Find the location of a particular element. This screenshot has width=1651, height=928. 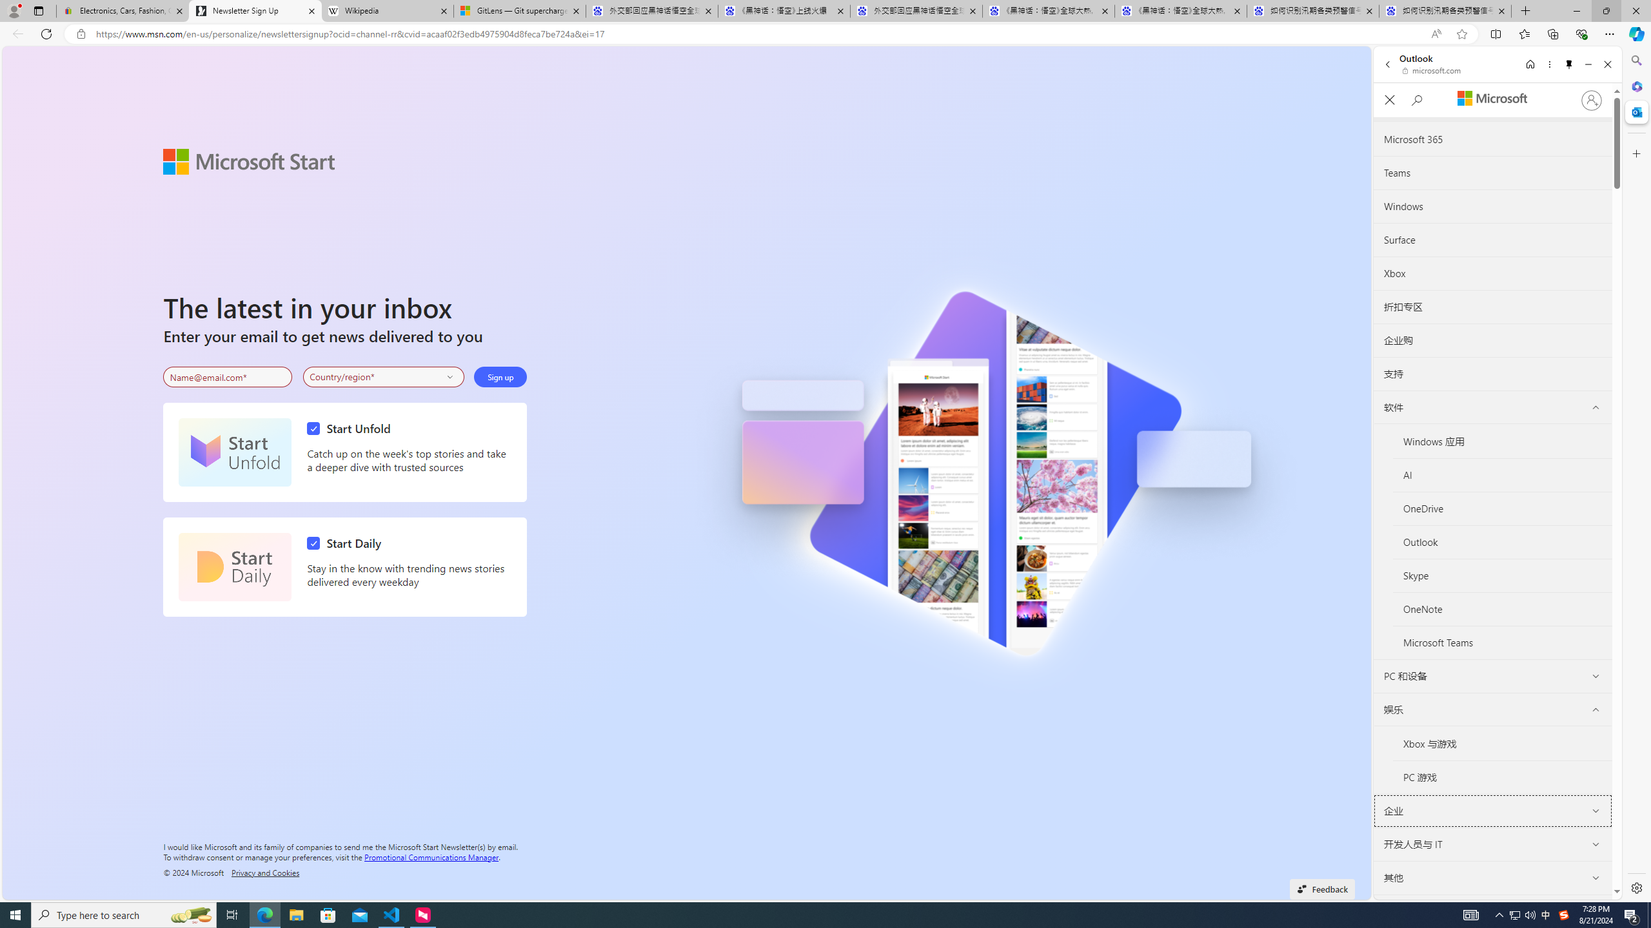

'Skype' is located at coordinates (1501, 575).